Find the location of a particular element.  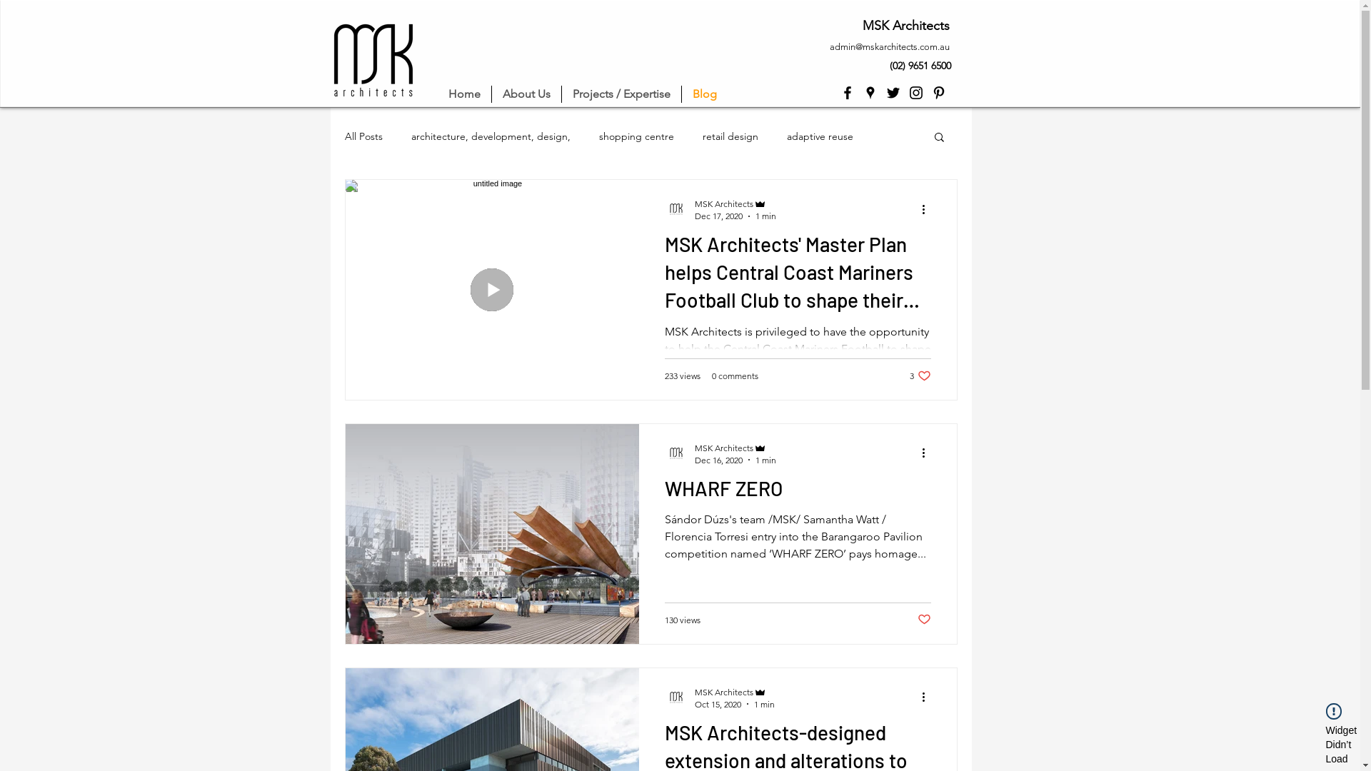

'Projects / Expertise' is located at coordinates (621, 94).